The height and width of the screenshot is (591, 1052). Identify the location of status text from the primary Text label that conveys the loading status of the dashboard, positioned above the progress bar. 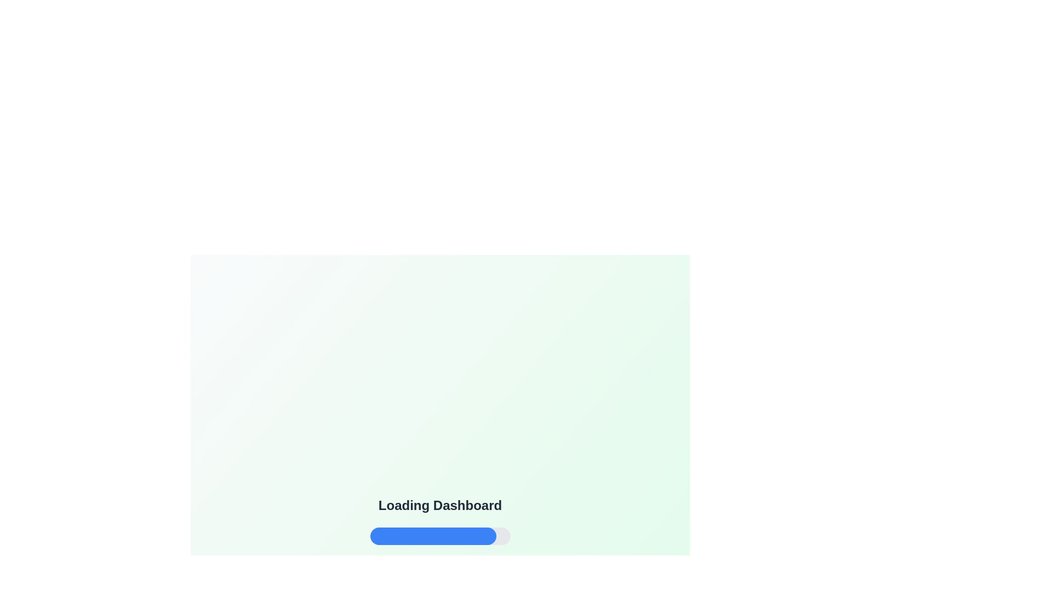
(440, 506).